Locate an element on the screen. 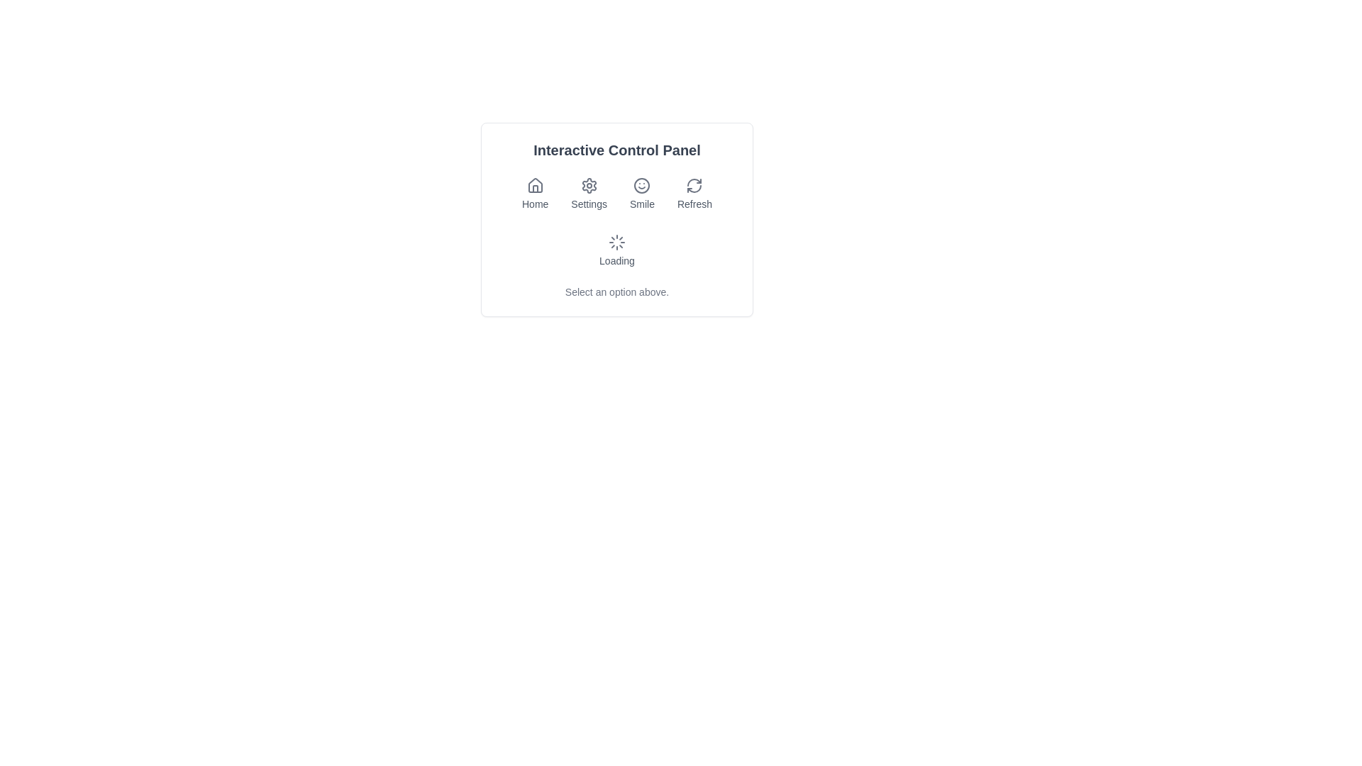 This screenshot has height=766, width=1362. the static text element that displays 'Select an option above.' which is positioned below the 'Loading' label in the interactive control panel is located at coordinates (616, 292).